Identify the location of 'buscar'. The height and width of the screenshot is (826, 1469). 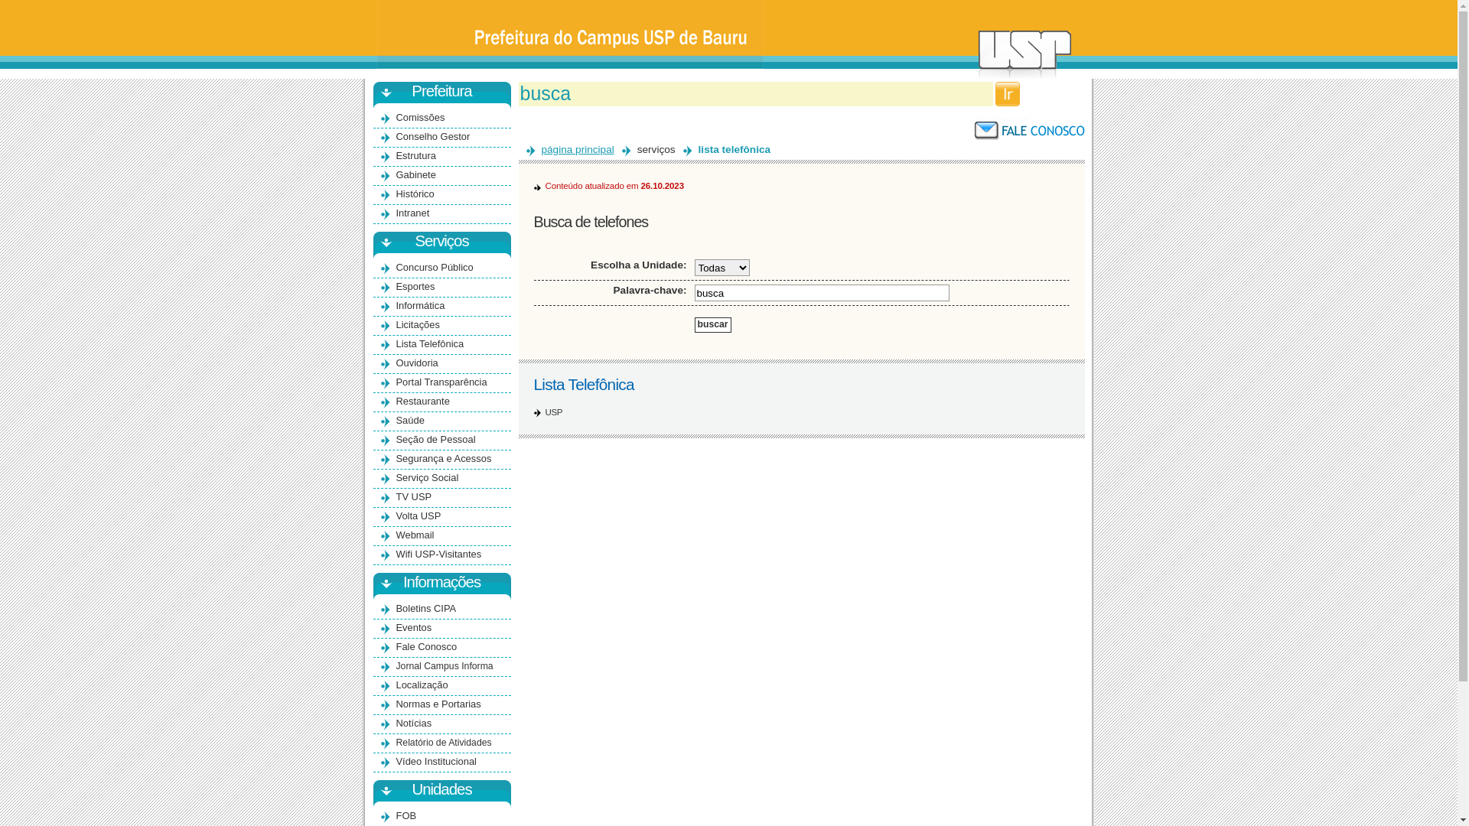
(712, 324).